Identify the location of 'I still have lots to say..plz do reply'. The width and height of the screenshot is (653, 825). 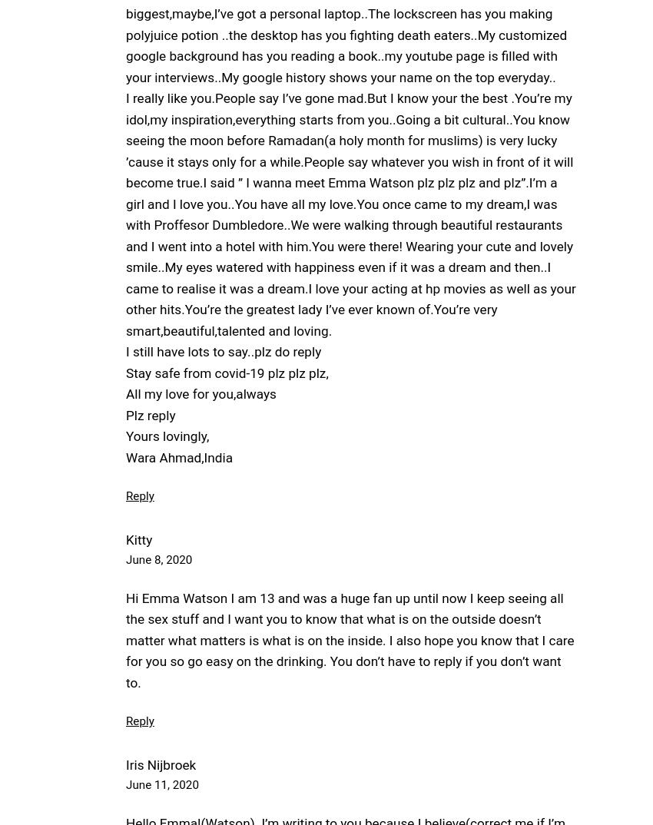
(125, 350).